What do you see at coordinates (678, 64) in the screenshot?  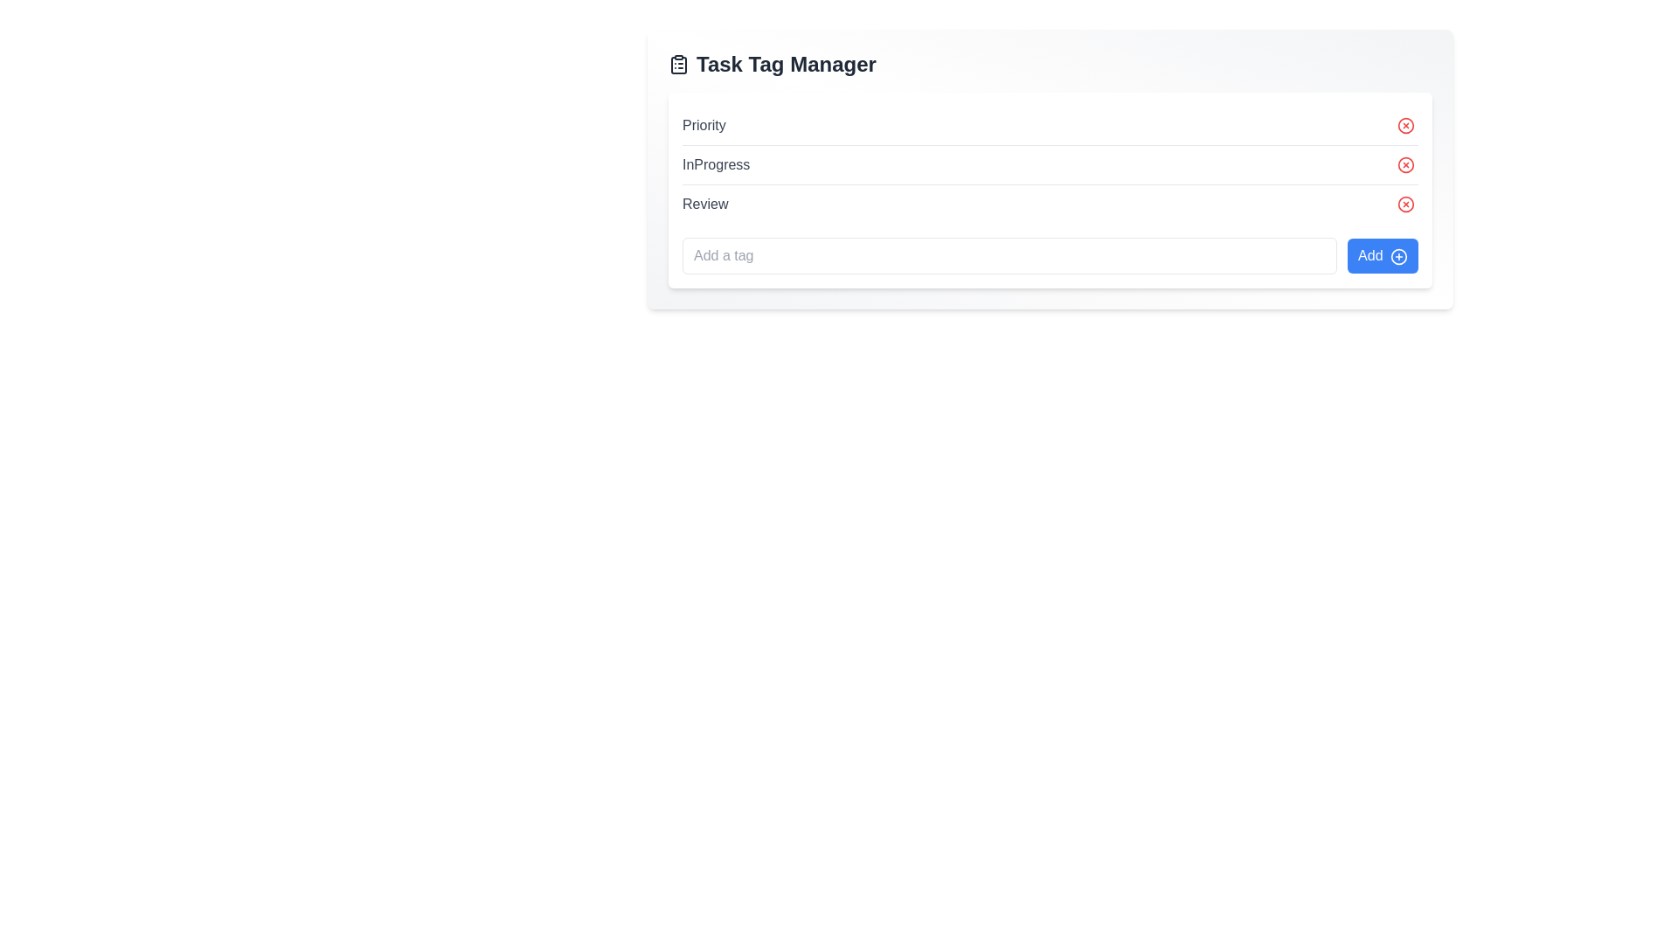 I see `the clipboard icon located to the left of the 'Task Tag Manager' heading, which has a rectangular outline and a clipped top part, styled in black or dark gray` at bounding box center [678, 64].